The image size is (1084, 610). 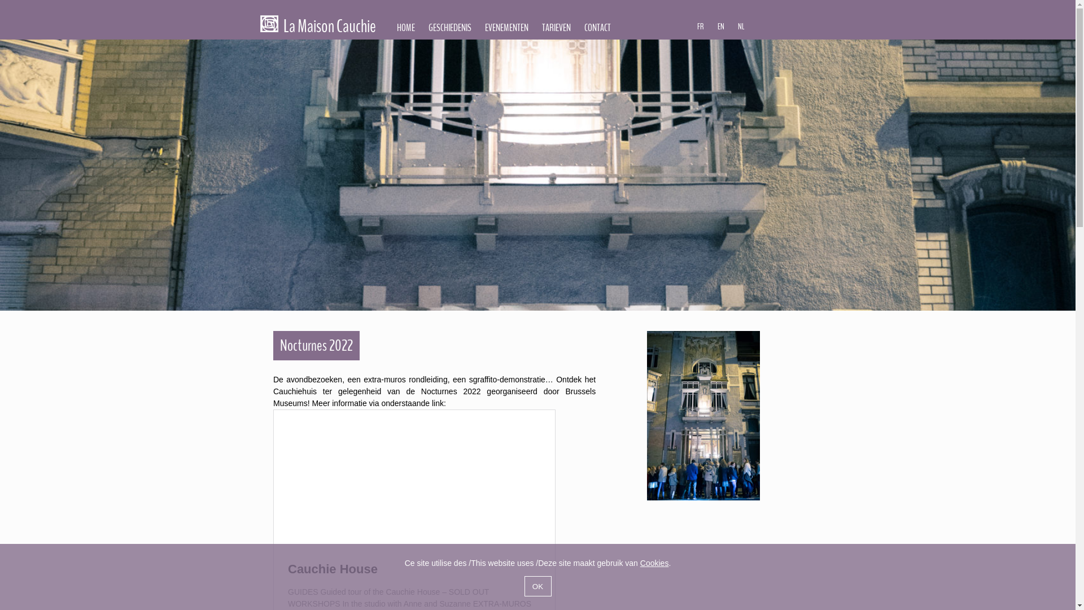 I want to click on 'La Maison Cauchie - Nocturnes 2022', so click(x=703, y=416).